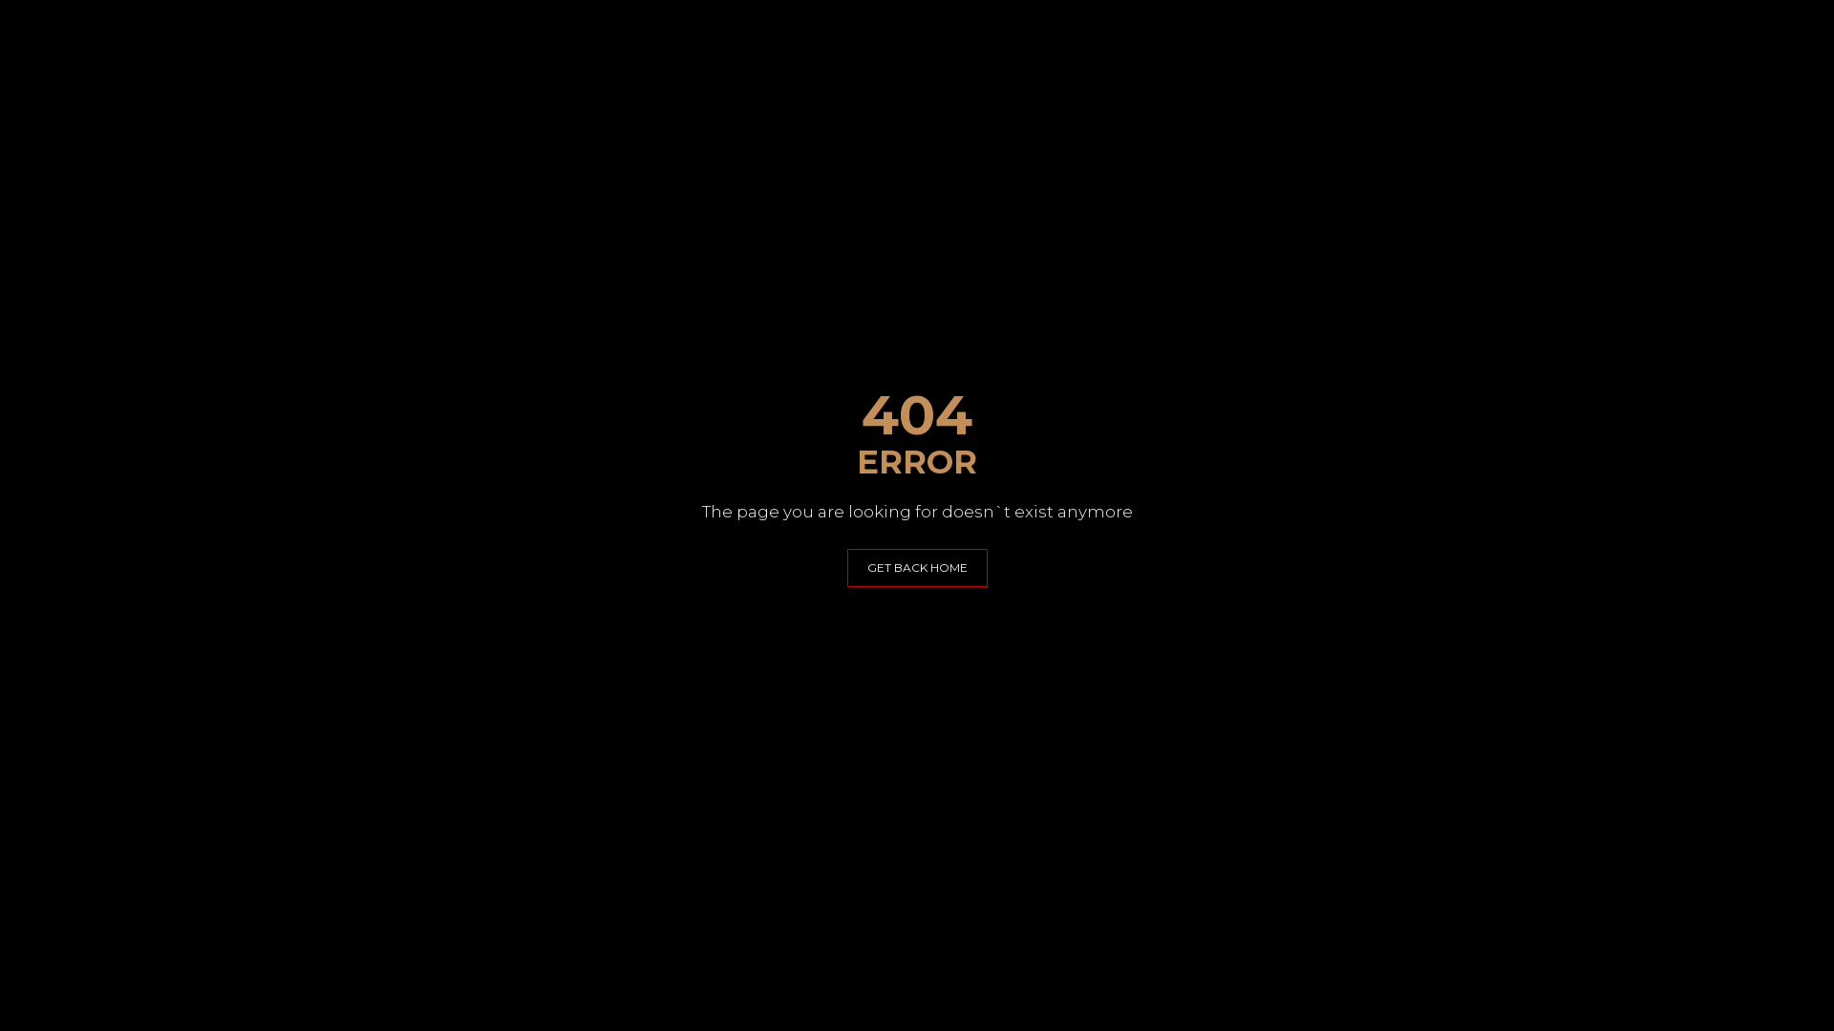 The image size is (1834, 1031). What do you see at coordinates (915, 566) in the screenshot?
I see `'GET BACK HOME'` at bounding box center [915, 566].